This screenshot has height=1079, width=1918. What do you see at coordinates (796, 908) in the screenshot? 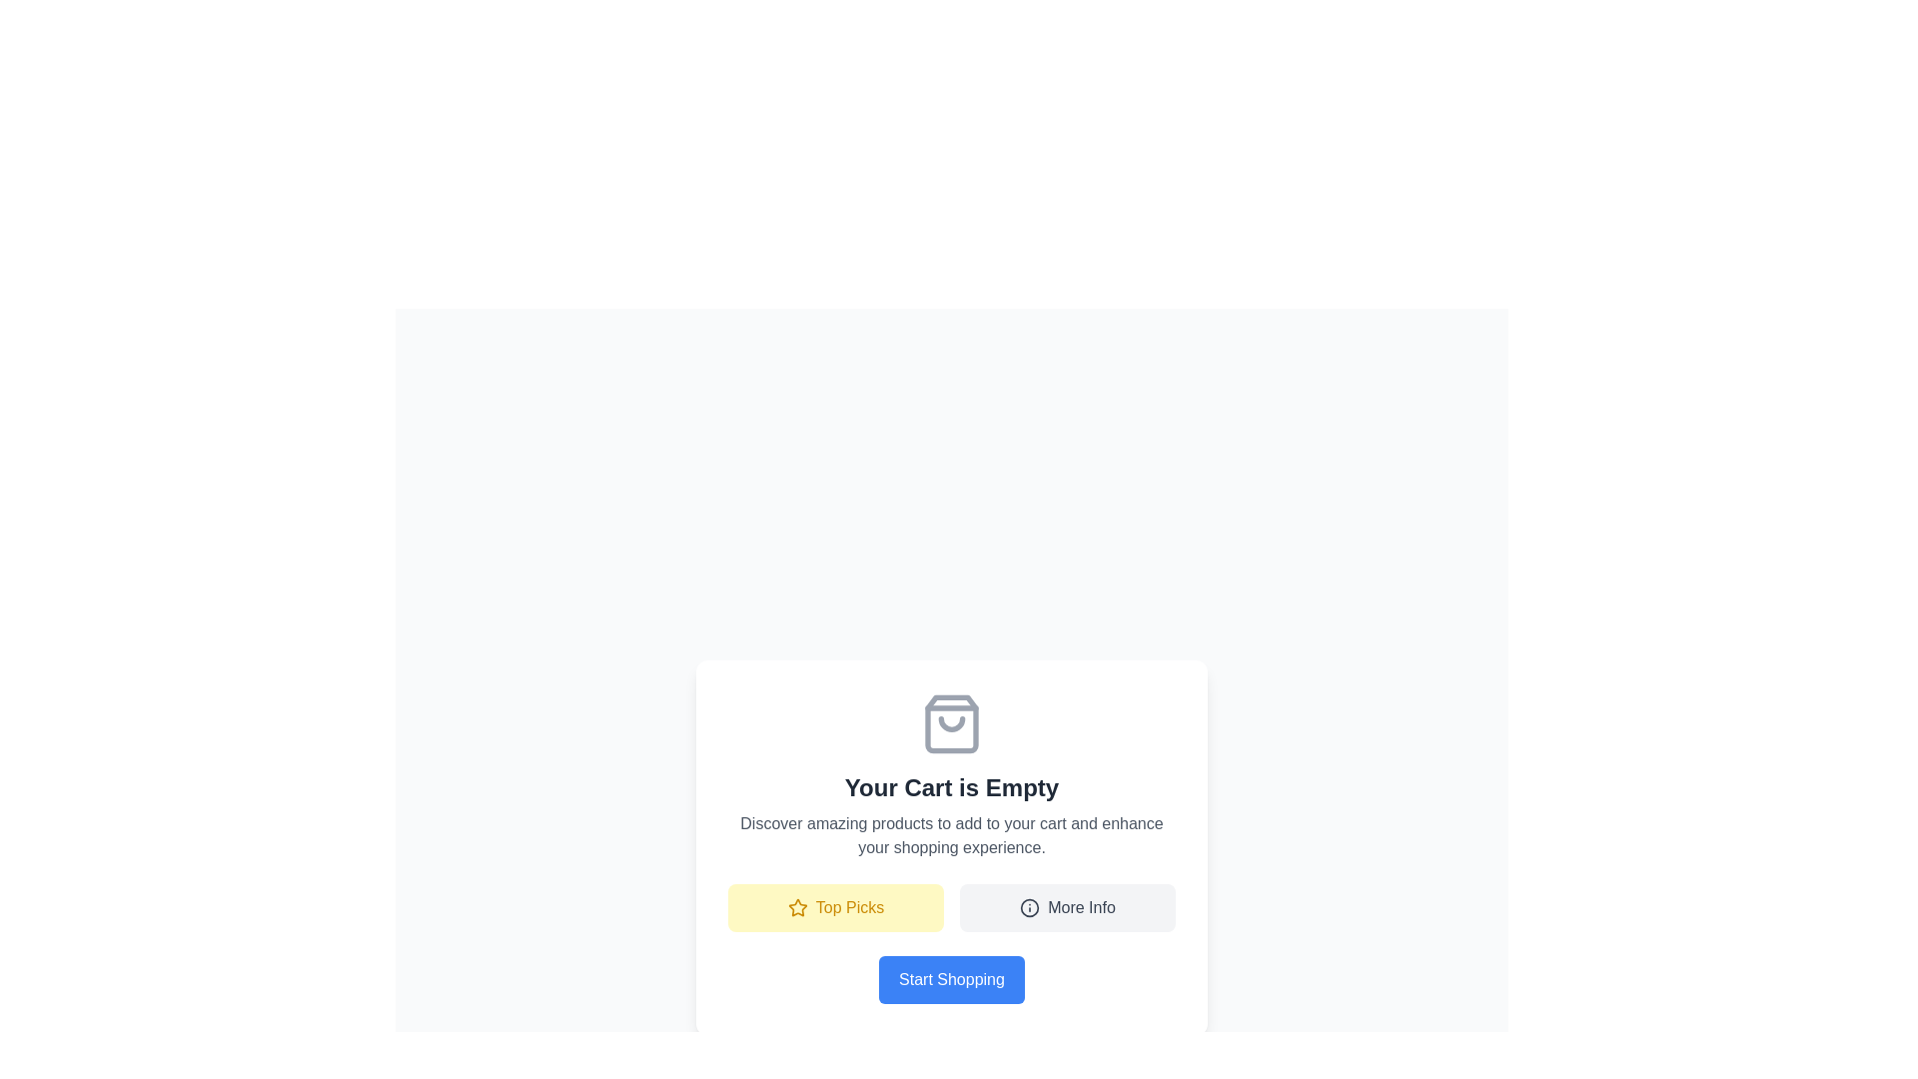
I see `the decorative icon that enhances the 'Top Picks' button, which is located to the left of the 'Top Picks' text label` at bounding box center [796, 908].